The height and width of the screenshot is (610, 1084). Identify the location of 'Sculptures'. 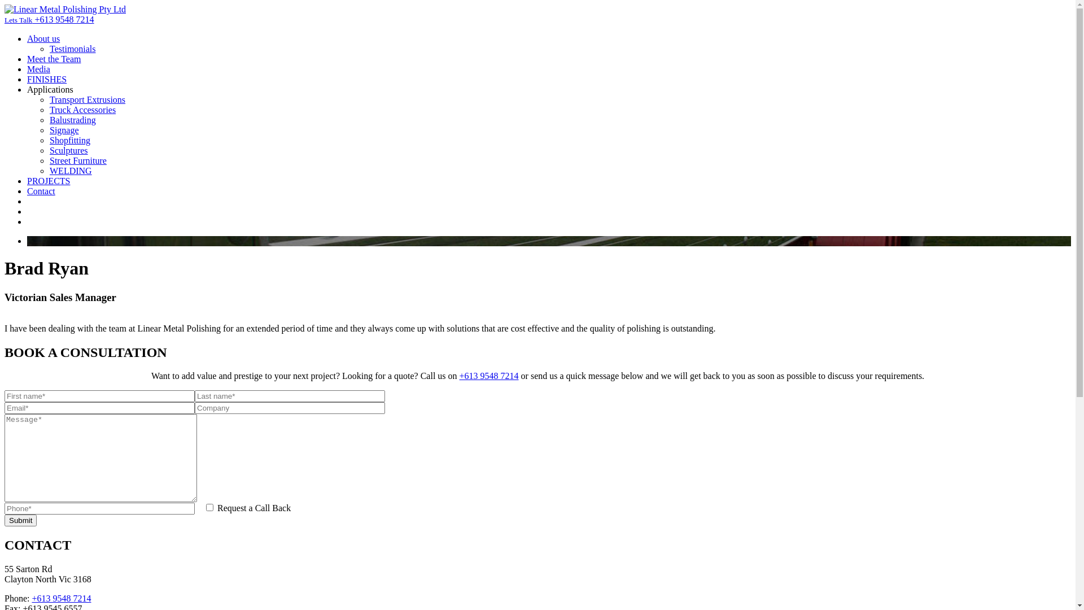
(68, 150).